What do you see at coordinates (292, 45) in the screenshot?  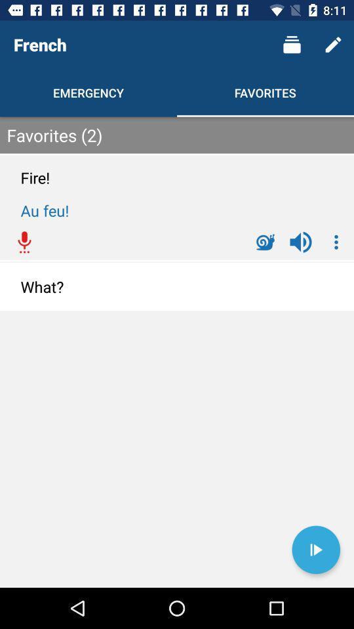 I see `icon next to french` at bounding box center [292, 45].